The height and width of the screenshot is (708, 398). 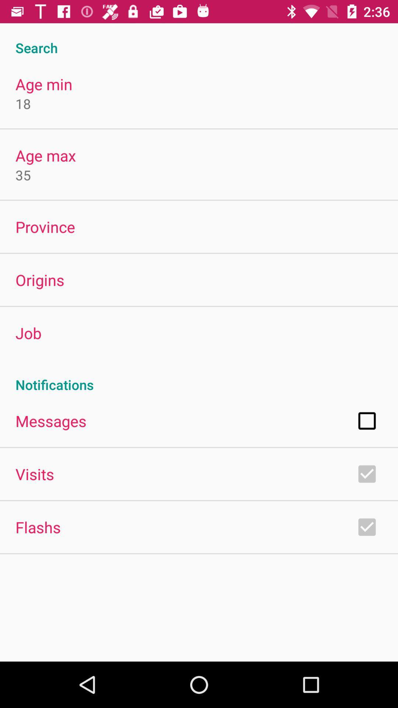 What do you see at coordinates (199, 39) in the screenshot?
I see `icon above age min icon` at bounding box center [199, 39].